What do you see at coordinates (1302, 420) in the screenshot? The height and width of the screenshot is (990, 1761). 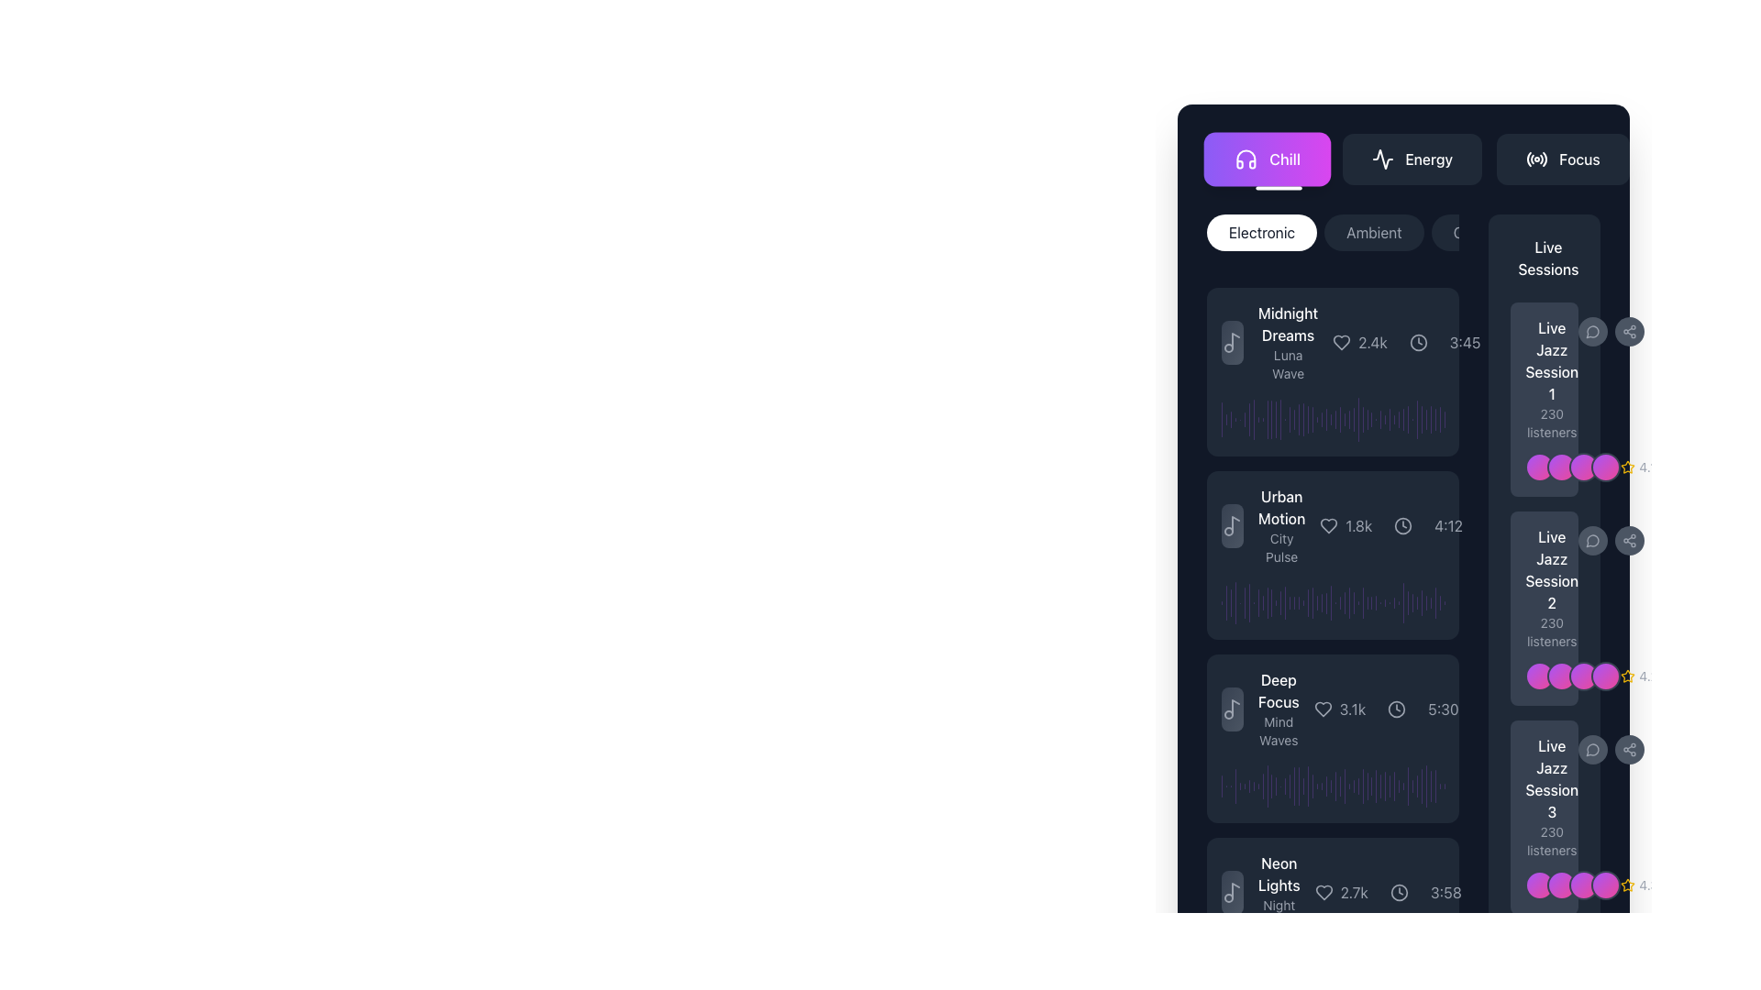 I see `the 19th purple vertical bar in the chart, which is semi-transparent and has rounded edges` at bounding box center [1302, 420].